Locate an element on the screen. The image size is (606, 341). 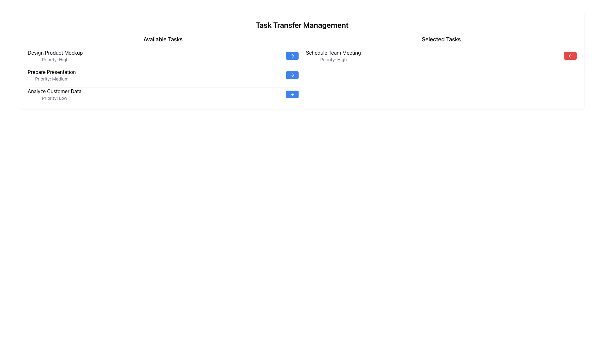
the static text label displaying 'Design Product Mockup', which is the primary label at the top of the task entry indicating high priority is located at coordinates (55, 52).